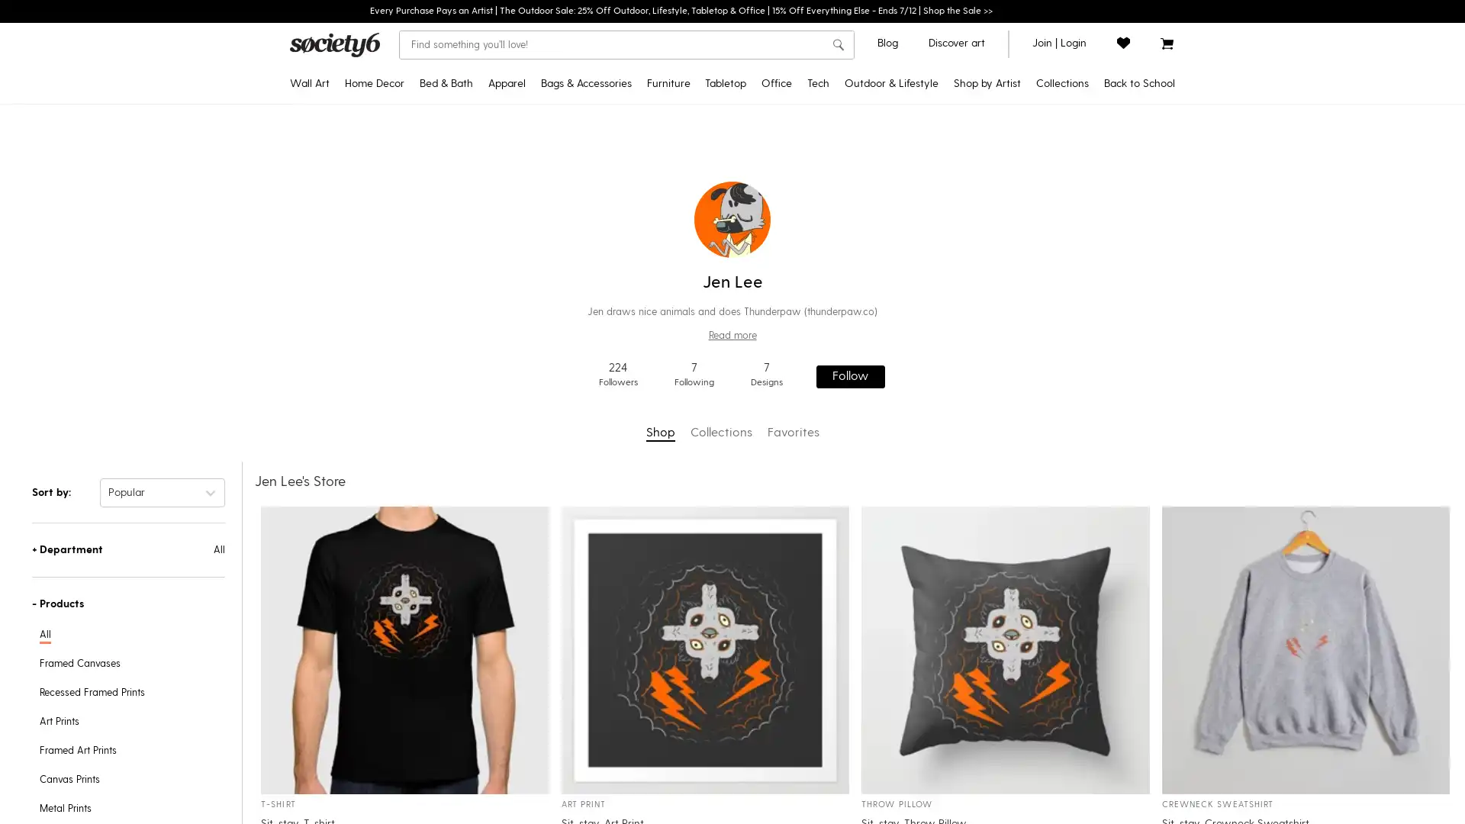 The width and height of the screenshot is (1465, 824). What do you see at coordinates (1006, 269) in the screenshot?
I see `Inspired by Matisse` at bounding box center [1006, 269].